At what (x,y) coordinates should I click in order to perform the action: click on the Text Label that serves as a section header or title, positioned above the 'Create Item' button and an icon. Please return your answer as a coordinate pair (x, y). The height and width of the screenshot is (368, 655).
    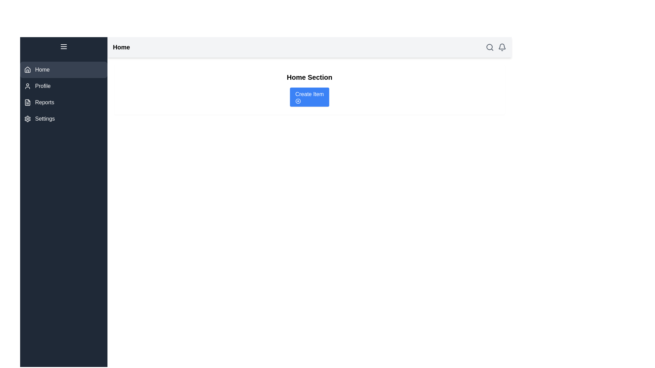
    Looking at the image, I should click on (309, 77).